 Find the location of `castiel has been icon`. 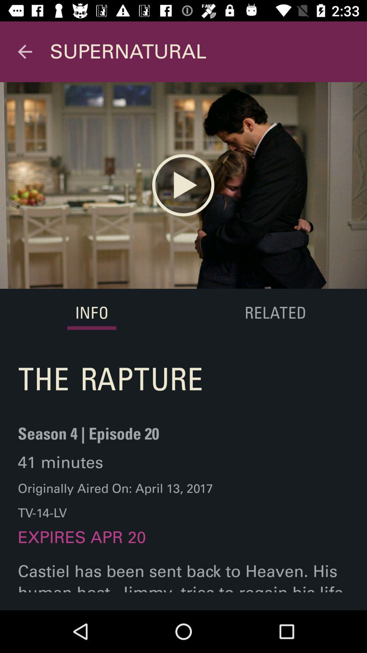

castiel has been icon is located at coordinates (183, 585).